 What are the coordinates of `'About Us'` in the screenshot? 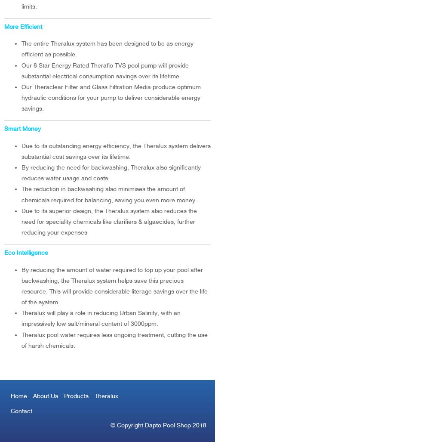 It's located at (45, 396).